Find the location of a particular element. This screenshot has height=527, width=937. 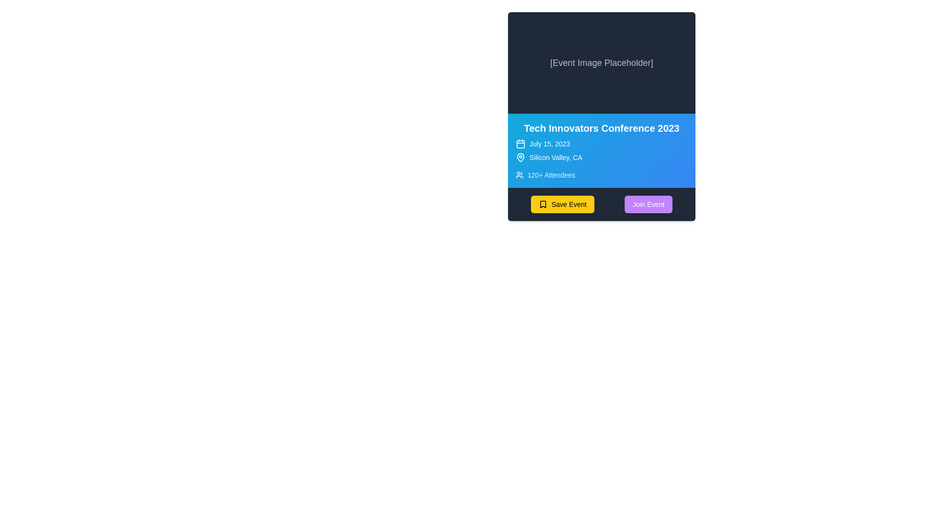

the decorative icon representing the date located to the left of the text 'July 15, 2023' in the event information panel is located at coordinates (520, 143).